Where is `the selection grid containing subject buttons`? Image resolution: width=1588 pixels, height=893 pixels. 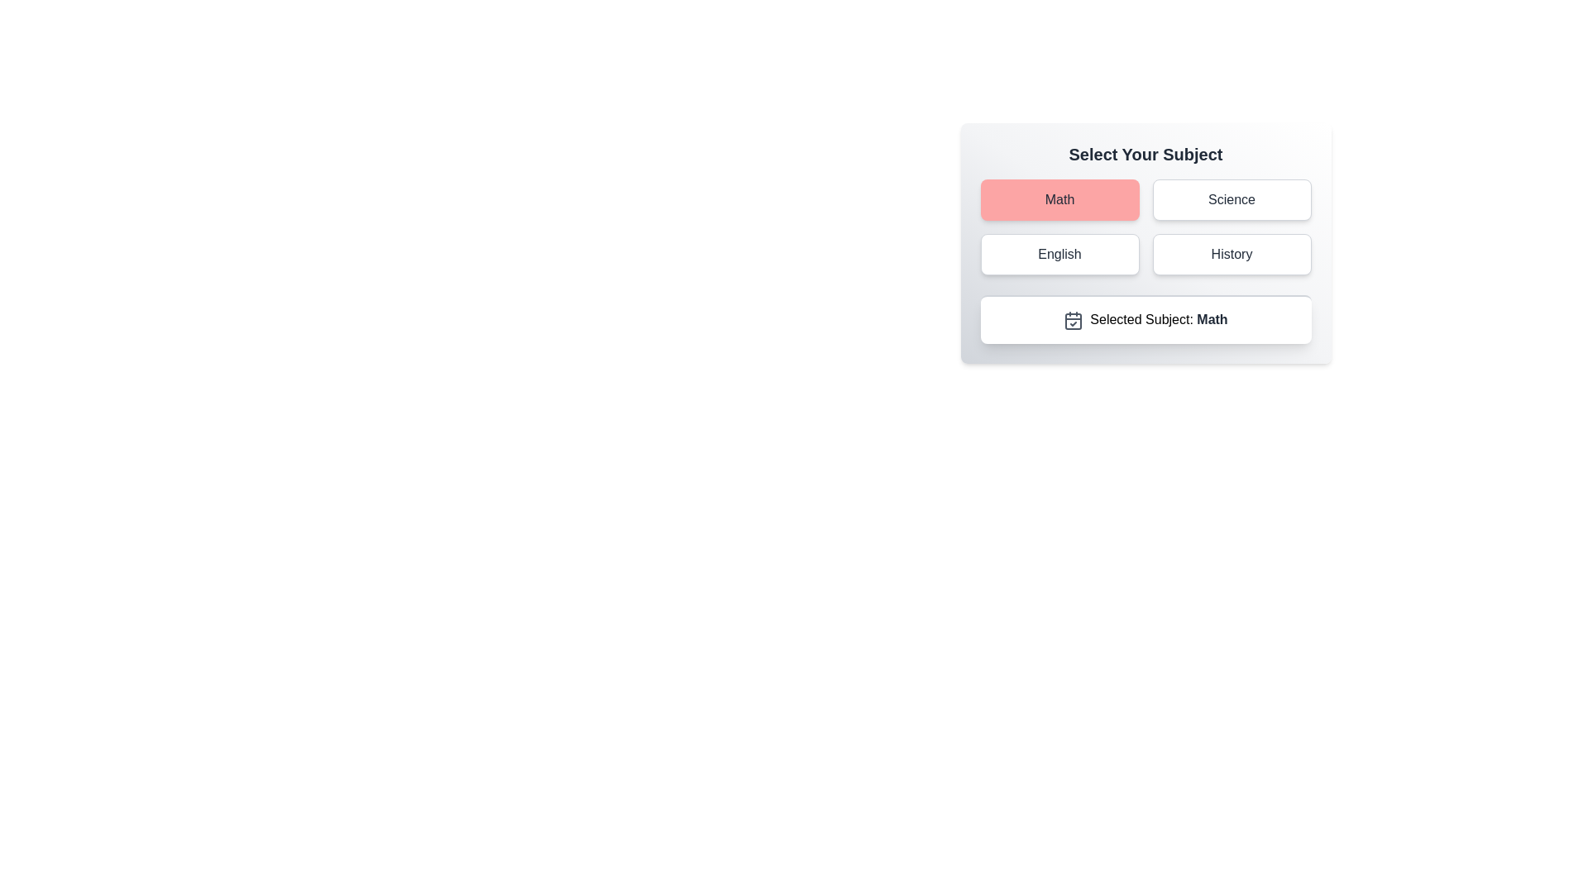
the selection grid containing subject buttons is located at coordinates (1145, 227).